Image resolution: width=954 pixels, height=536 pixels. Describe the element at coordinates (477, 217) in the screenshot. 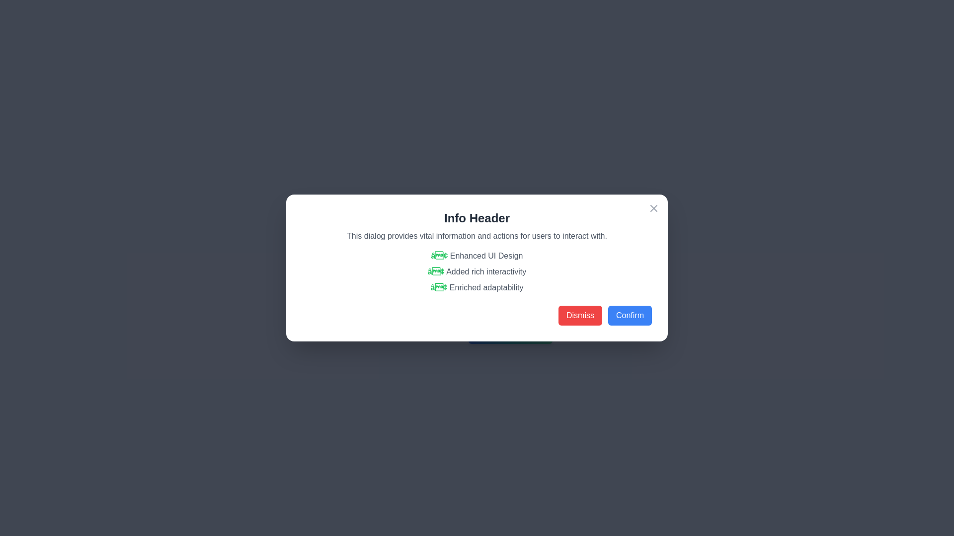

I see `the static text header element located at the top-center of the dialog box, which provides users with an understanding of the dialog's purpose` at that location.